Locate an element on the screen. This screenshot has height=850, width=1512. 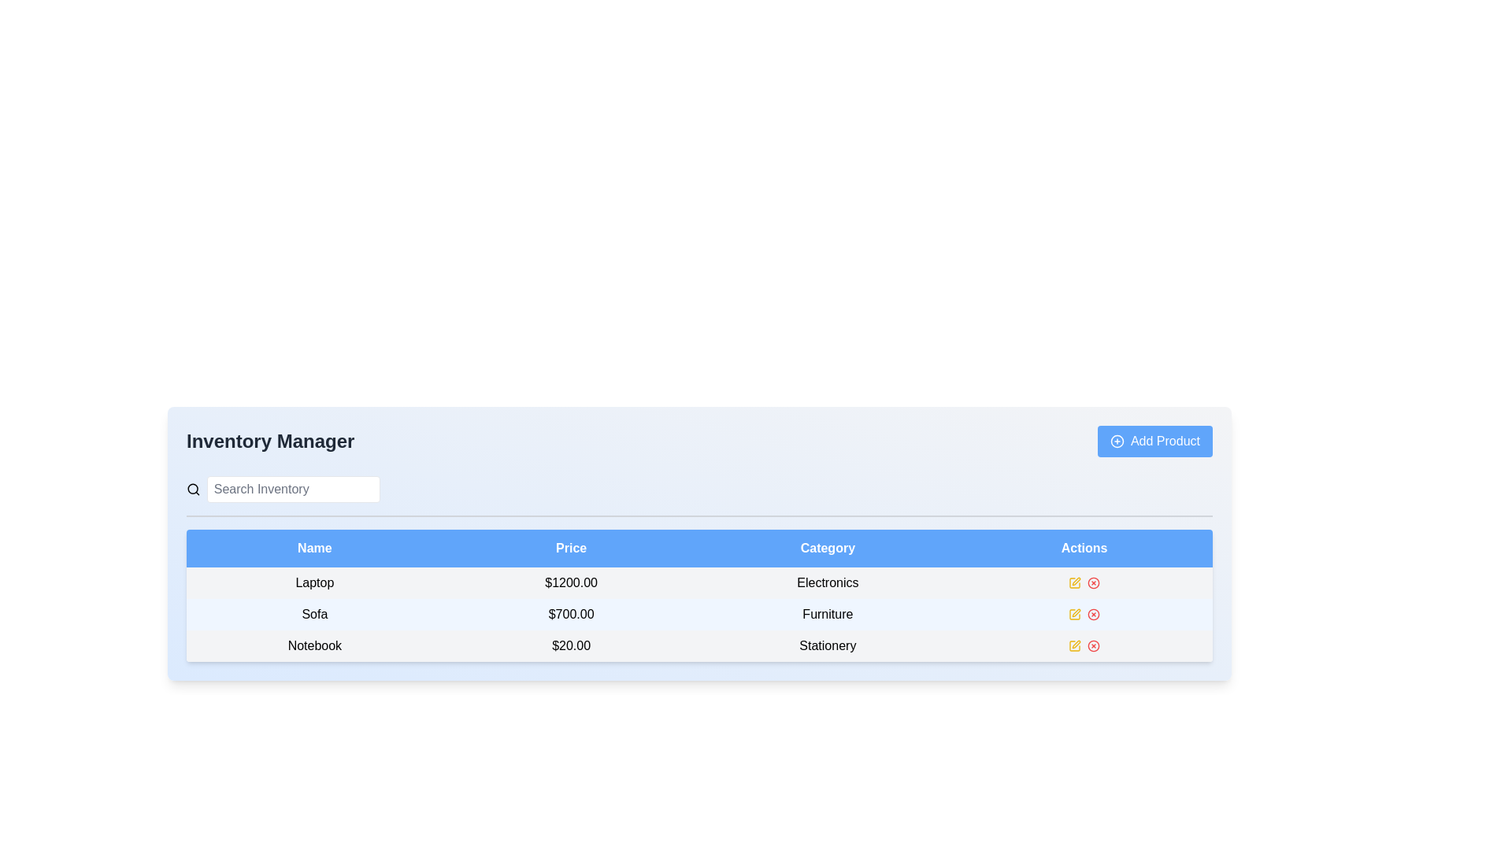
the edit action icon/button resembling a slanted pen tip, located in the 'Actions' column of the last row in the table is located at coordinates (1076, 582).